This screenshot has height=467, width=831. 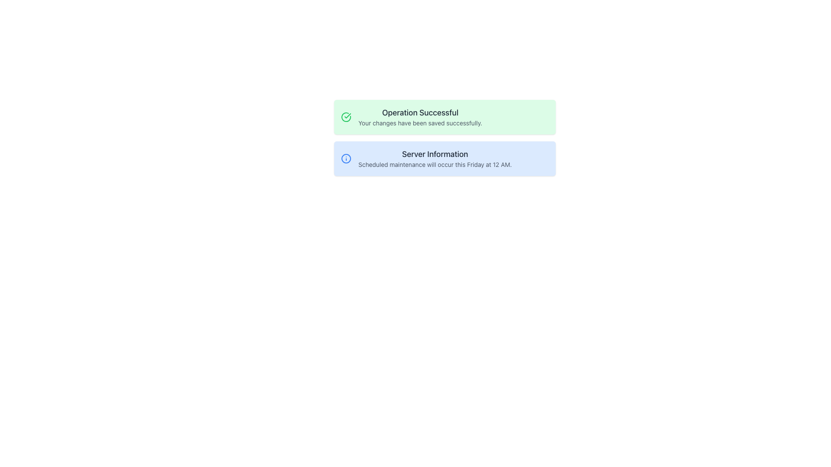 What do you see at coordinates (444, 117) in the screenshot?
I see `text content of the first success notification box, which is centrally located above the blue 'Server Information' notification` at bounding box center [444, 117].